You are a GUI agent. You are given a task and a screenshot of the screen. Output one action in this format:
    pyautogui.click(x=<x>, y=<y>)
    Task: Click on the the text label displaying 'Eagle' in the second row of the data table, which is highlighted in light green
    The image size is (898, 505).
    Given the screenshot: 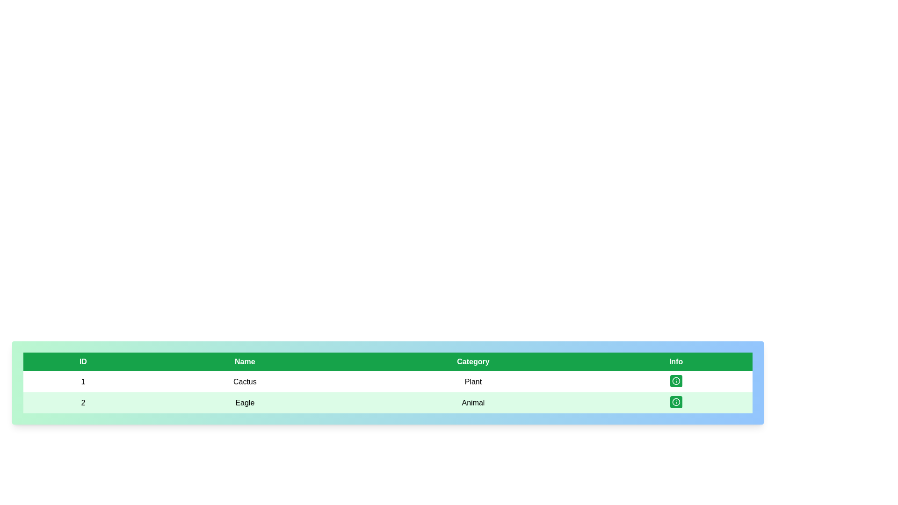 What is the action you would take?
    pyautogui.click(x=245, y=402)
    